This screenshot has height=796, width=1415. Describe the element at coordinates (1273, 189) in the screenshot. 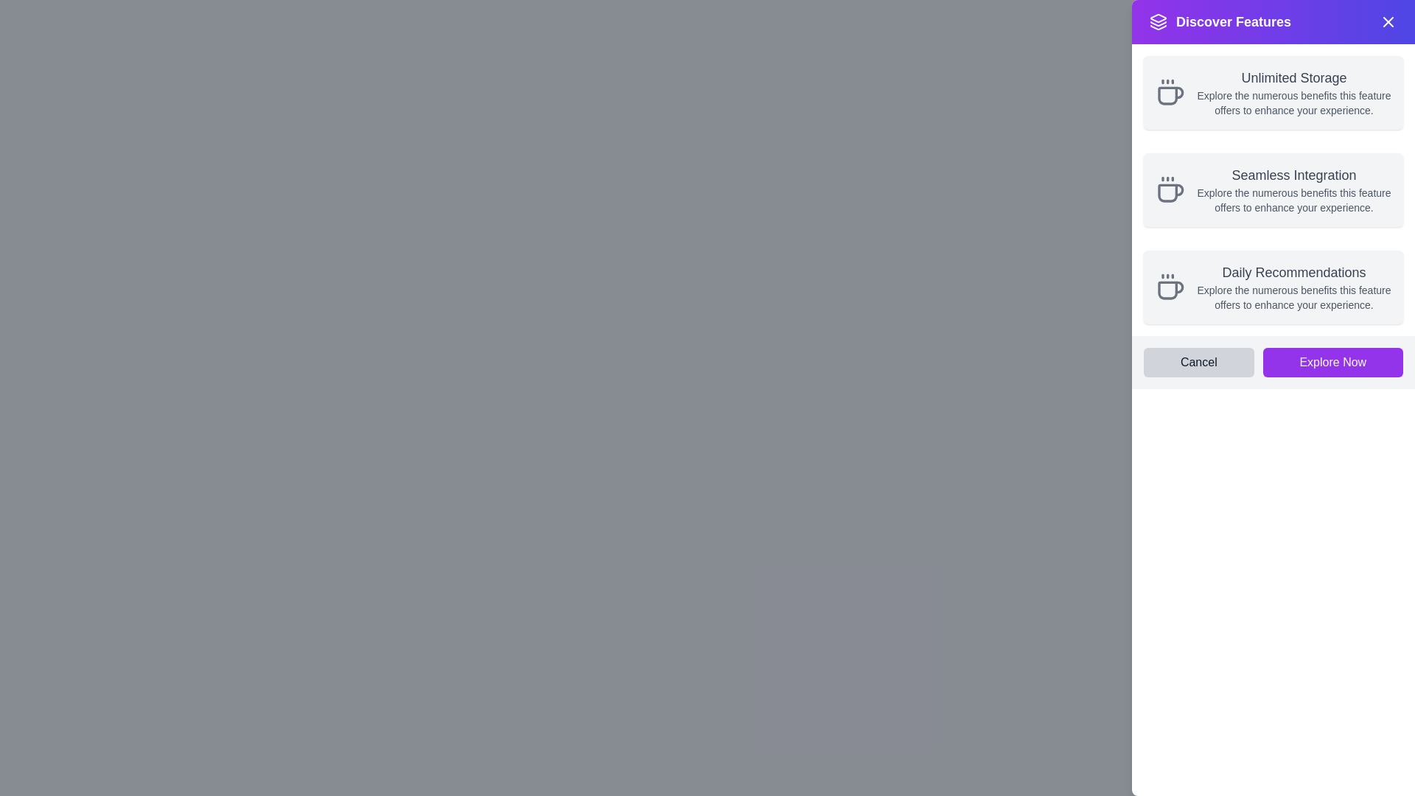

I see `description of the 'Seamless Integration' informational card, which is the second card in the 'Discover Features' section on the right sidebar` at that location.